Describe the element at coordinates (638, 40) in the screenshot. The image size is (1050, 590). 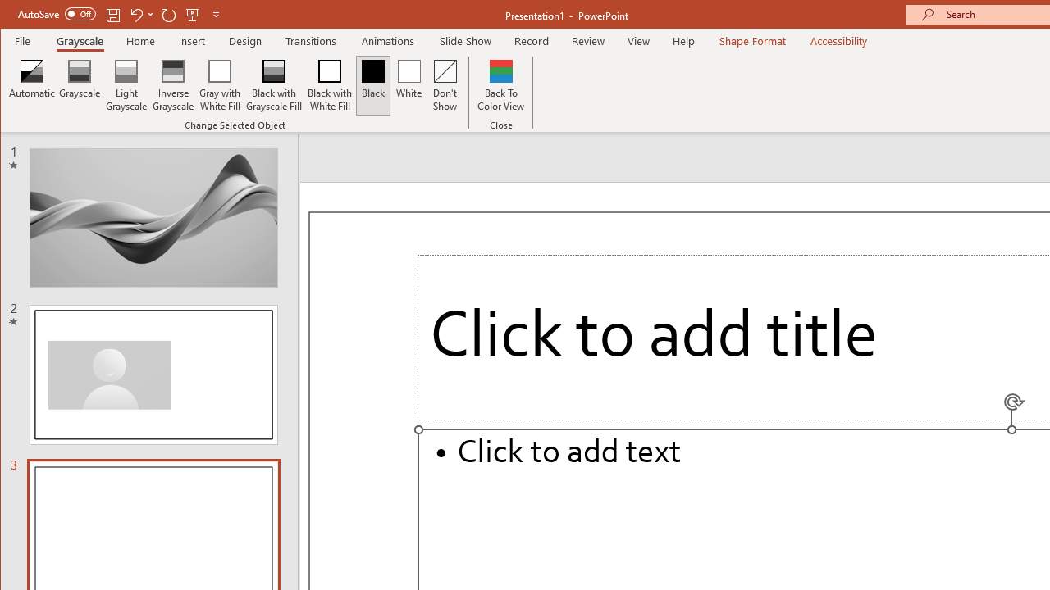
I see `'View'` at that location.